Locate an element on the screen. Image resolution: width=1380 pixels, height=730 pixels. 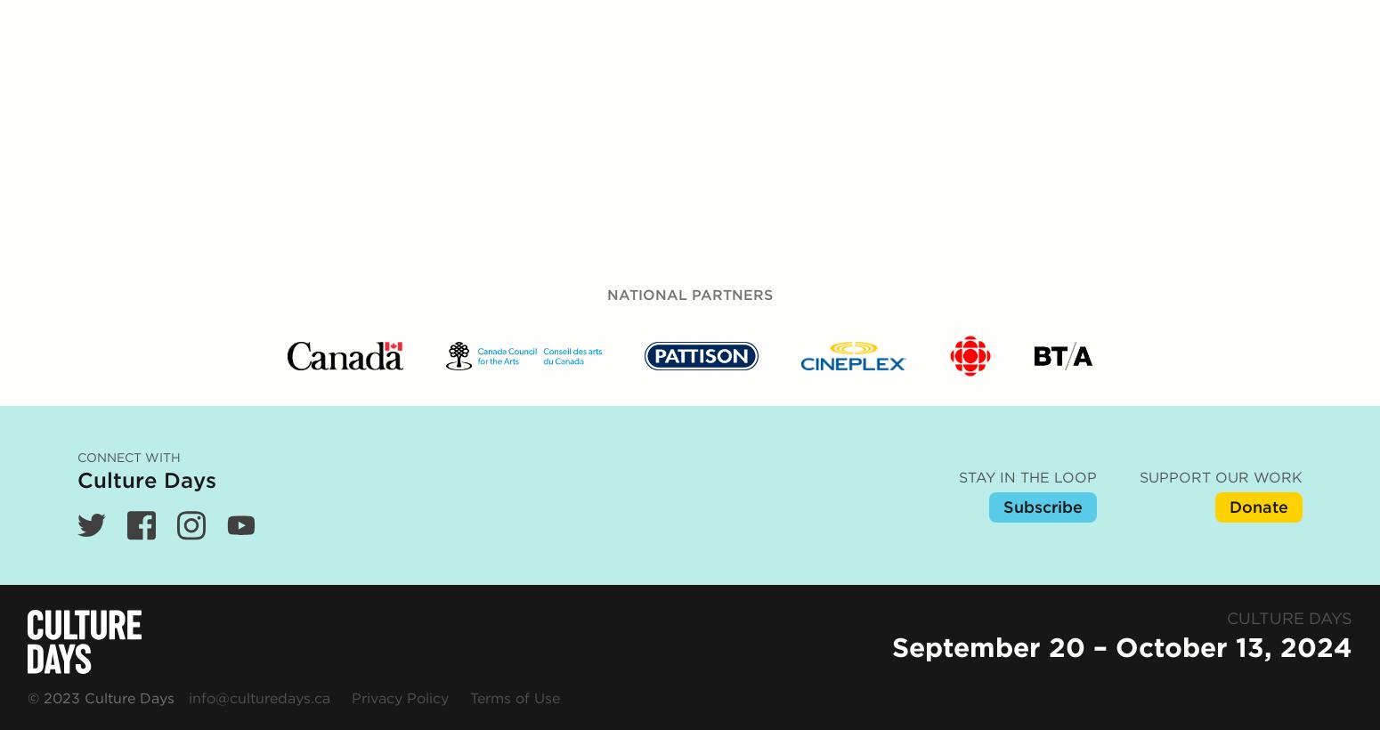
'Donate' is located at coordinates (1258, 125).